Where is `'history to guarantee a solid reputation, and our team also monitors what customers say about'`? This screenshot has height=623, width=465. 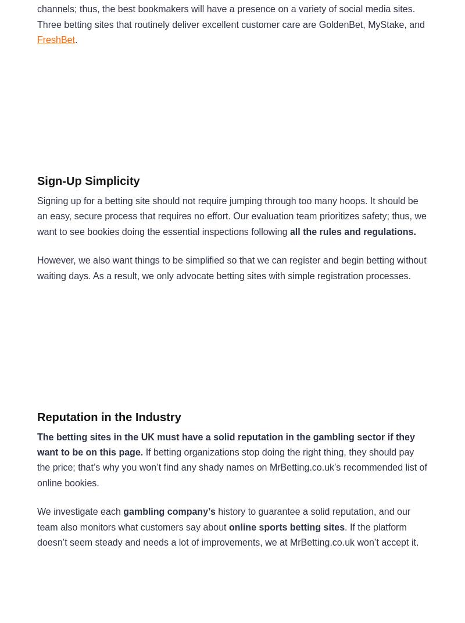 'history to guarantee a solid reputation, and our team also monitors what customers say about' is located at coordinates (223, 519).